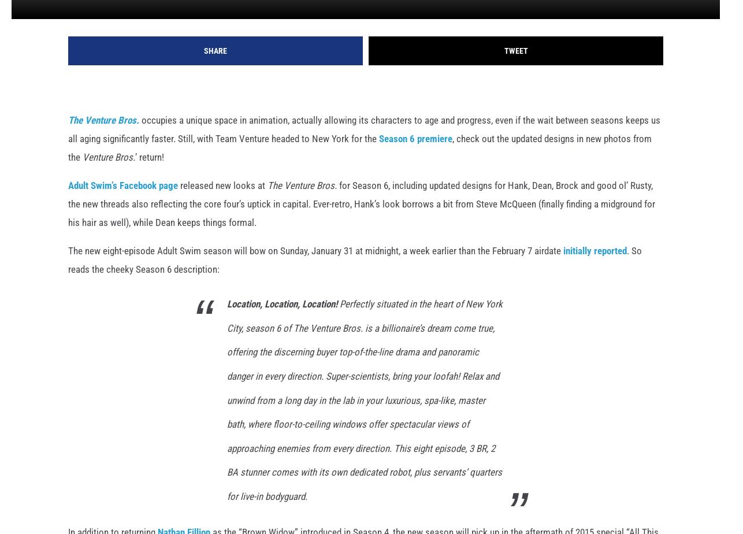 The width and height of the screenshot is (743, 534). Describe the element at coordinates (222, 203) in the screenshot. I see `'released new looks at'` at that location.